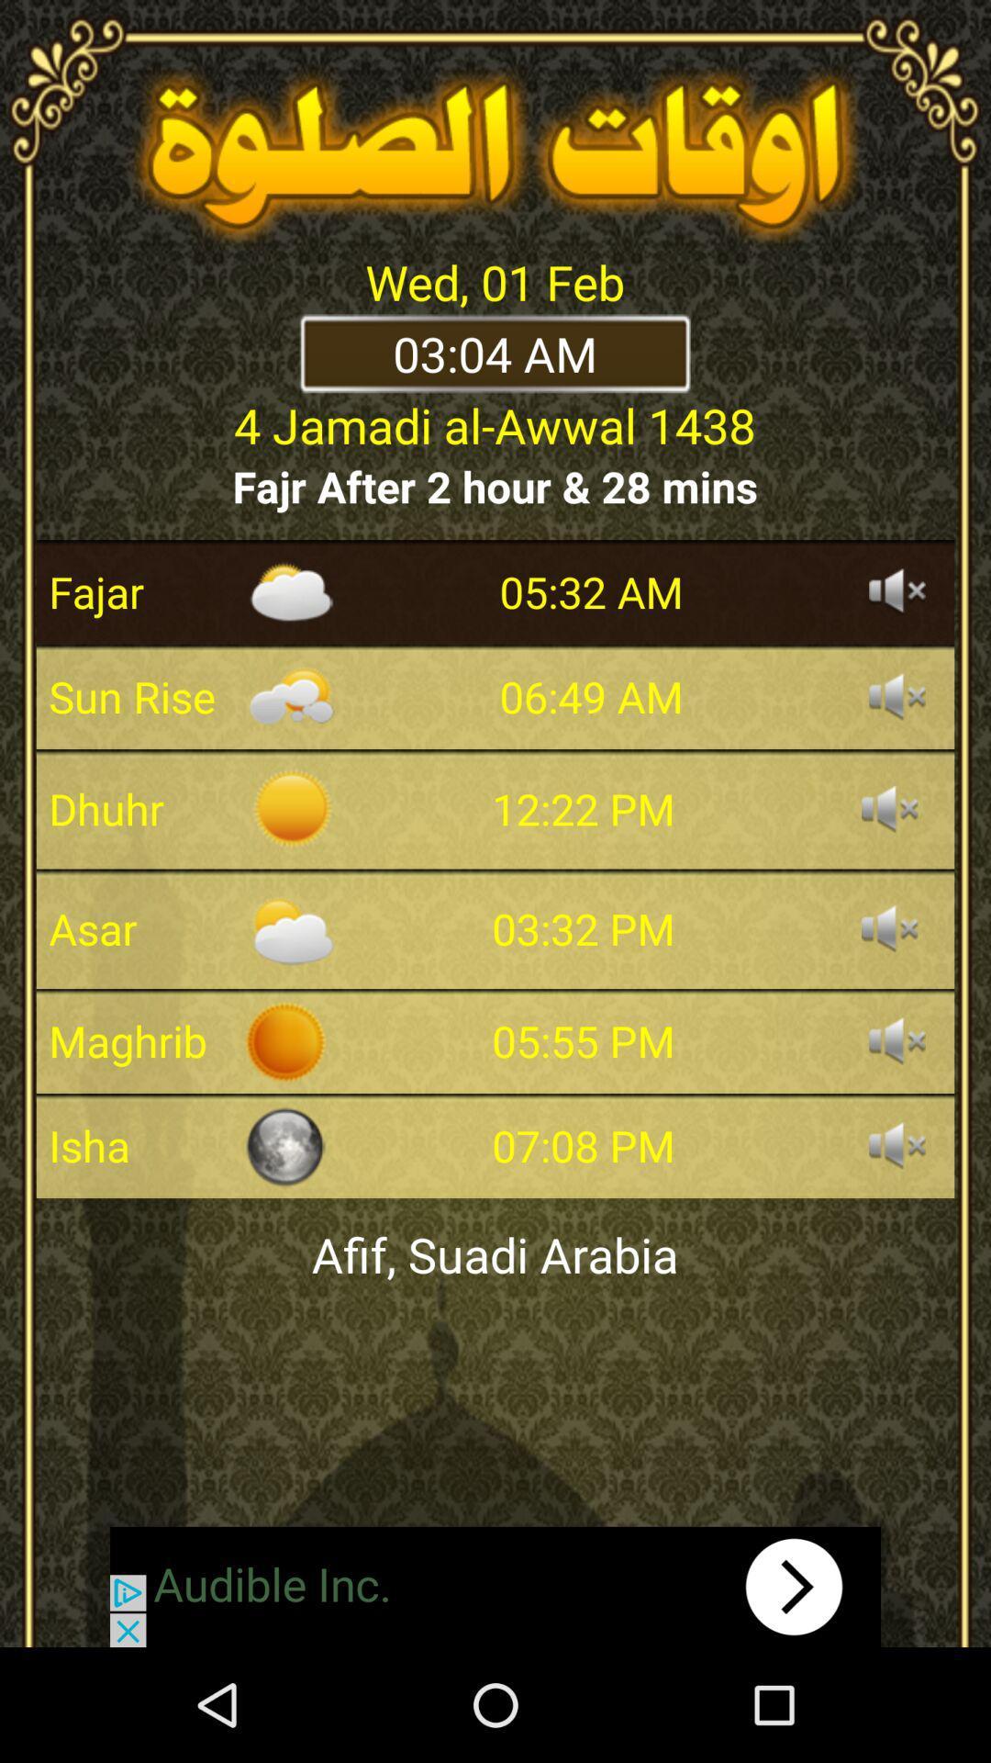 The image size is (991, 1763). What do you see at coordinates (896, 695) in the screenshot?
I see `the volume icon` at bounding box center [896, 695].